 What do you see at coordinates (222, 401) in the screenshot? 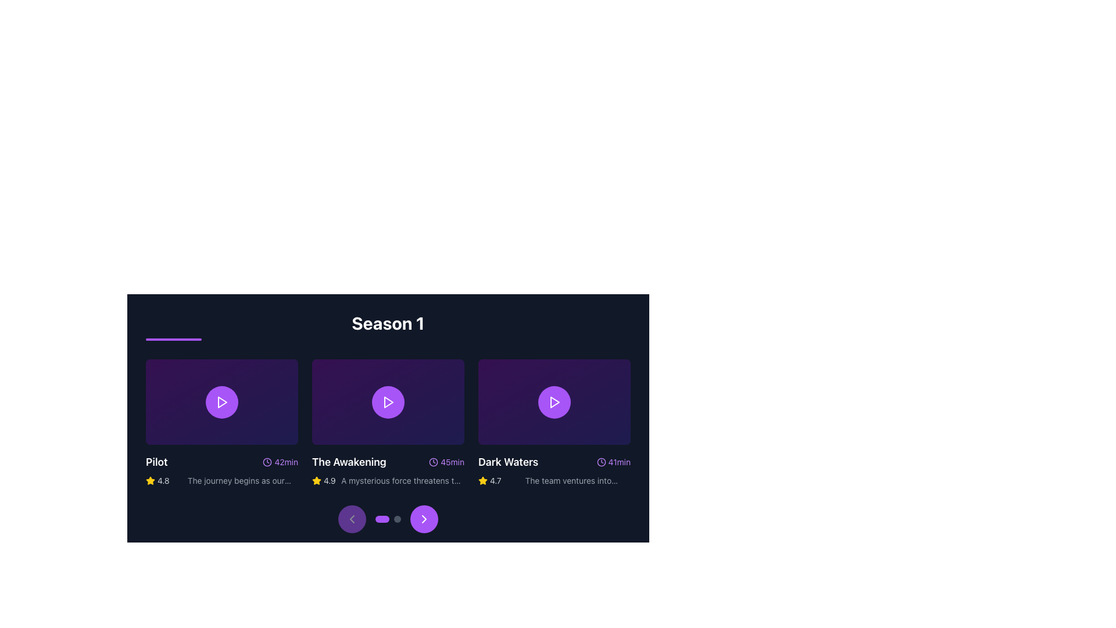
I see `the circular button with a purple background and a white play icon to play the associated content` at bounding box center [222, 401].